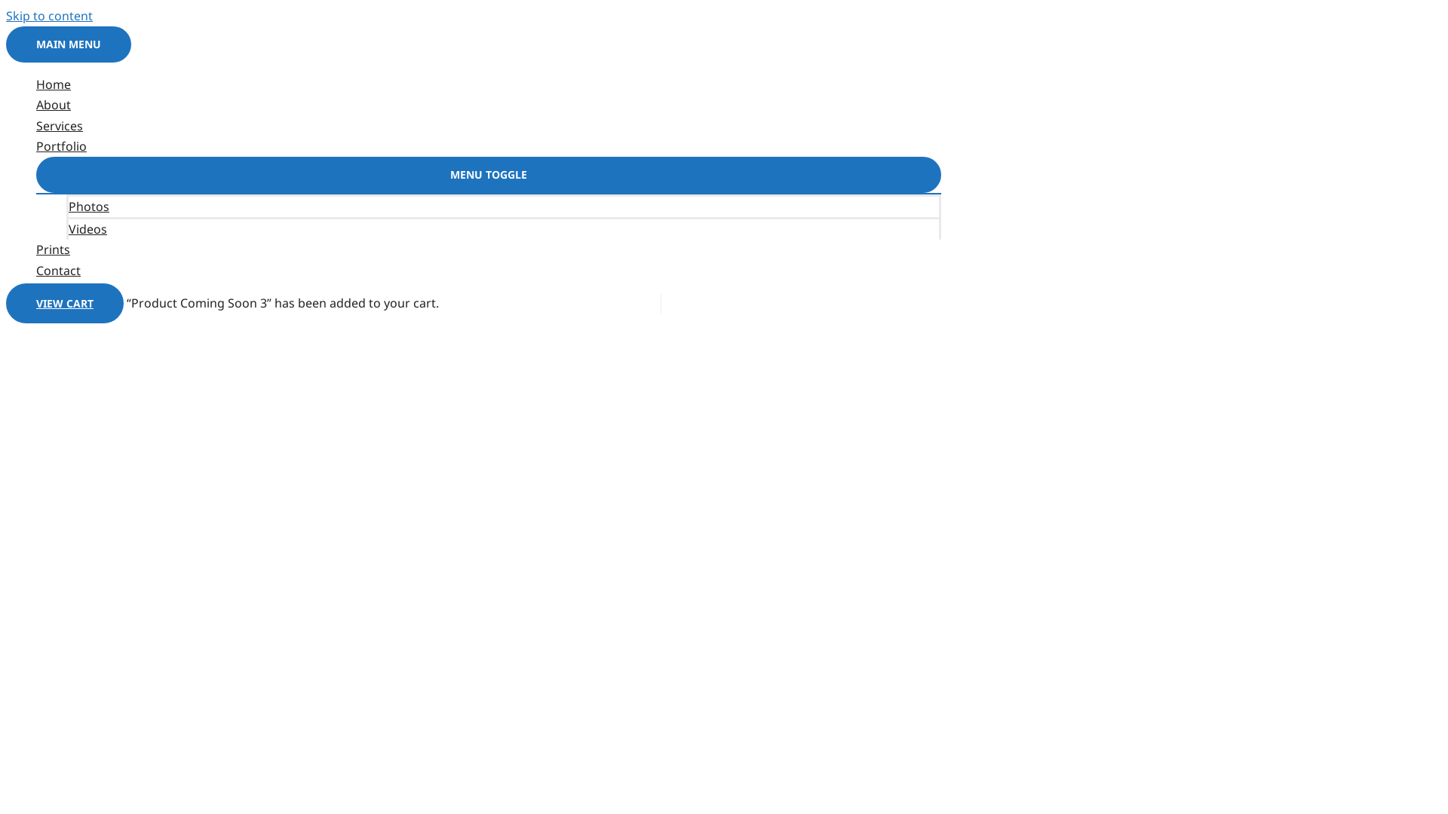 The image size is (1448, 814). I want to click on 'Portfolio', so click(36, 146).